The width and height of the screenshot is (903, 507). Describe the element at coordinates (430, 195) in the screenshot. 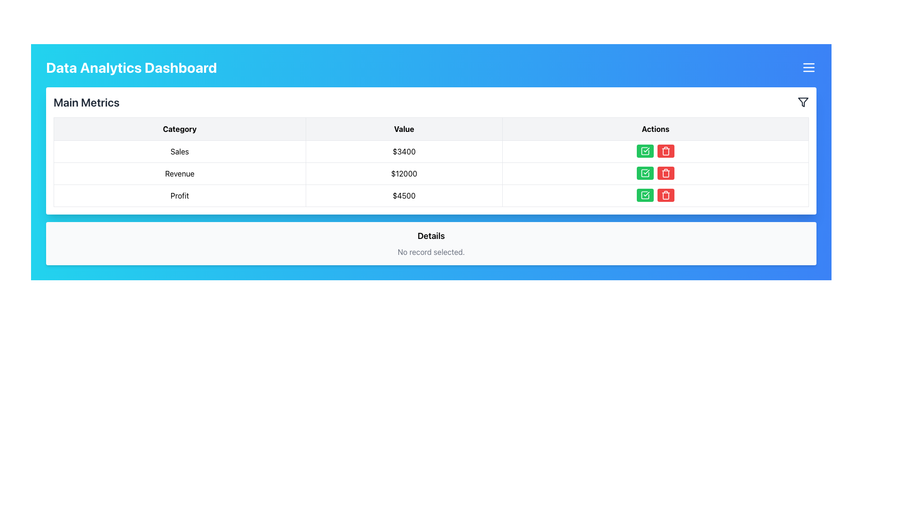

I see `the displayed profit value in the metrics table under the 'Main Metrics' section, specifically in the row labeled 'Profit' which shows the value '$4500'` at that location.